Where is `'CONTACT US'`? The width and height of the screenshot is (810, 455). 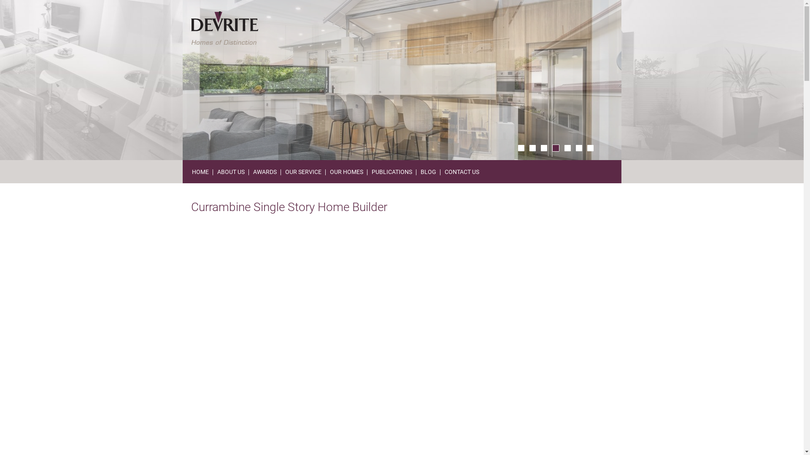
'CONTACT US' is located at coordinates (461, 171).